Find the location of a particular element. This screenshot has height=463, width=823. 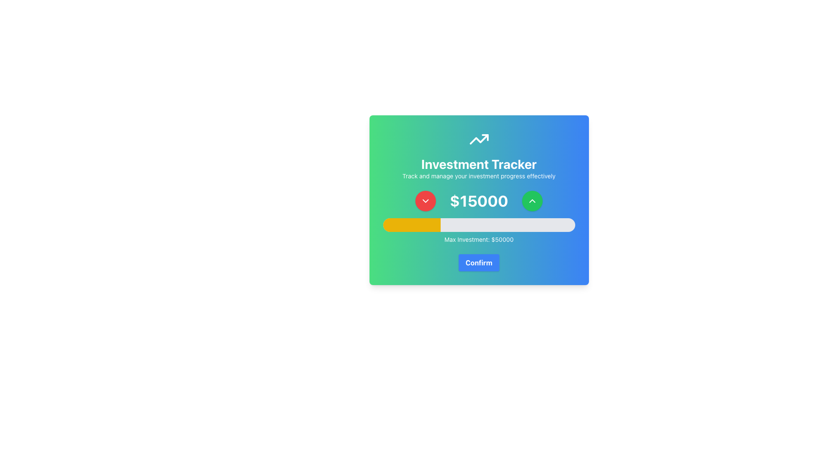

the text label displaying 'Max Investment: $50000', which is centered horizontally at the bottom of a gradient card interface, positioned below the slider bar is located at coordinates (478, 240).